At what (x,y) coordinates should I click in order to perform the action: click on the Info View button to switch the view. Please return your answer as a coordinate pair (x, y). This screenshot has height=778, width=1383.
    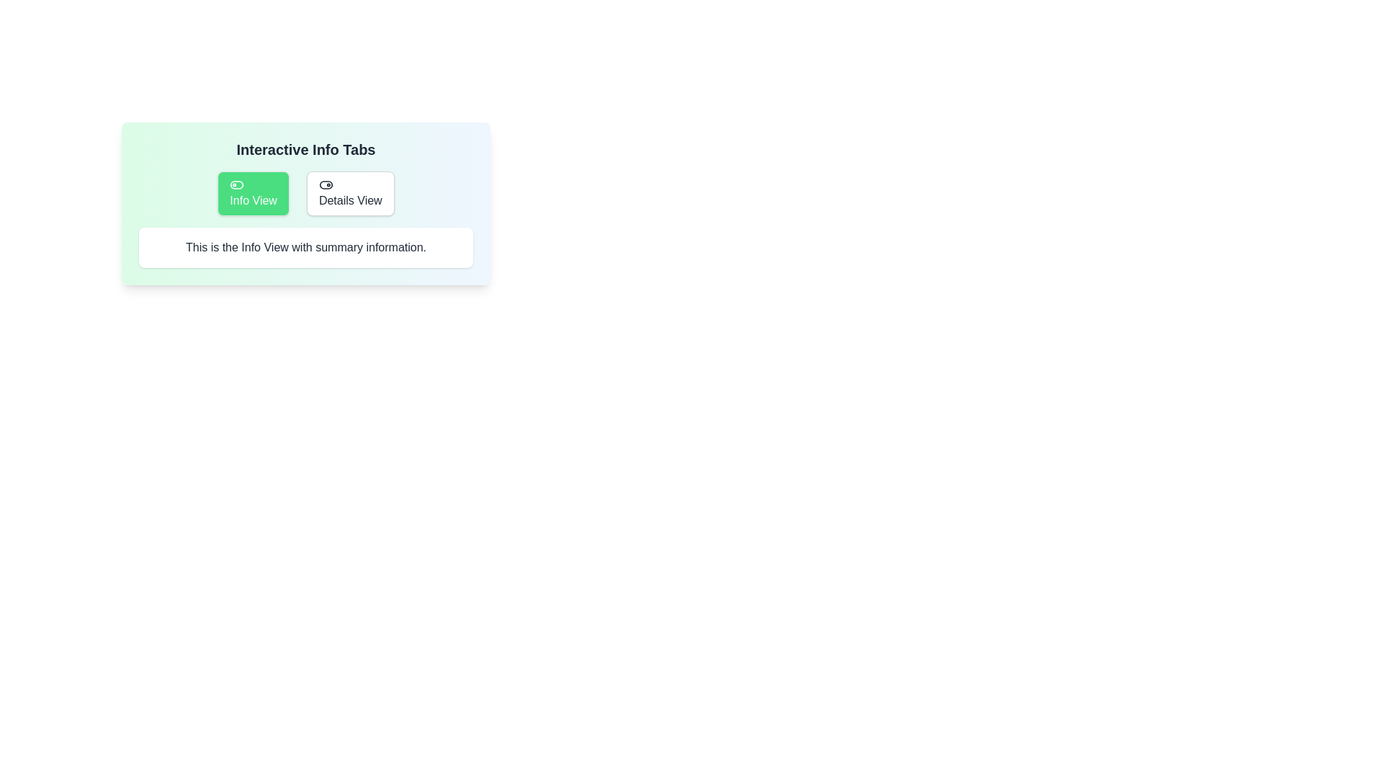
    Looking at the image, I should click on (253, 193).